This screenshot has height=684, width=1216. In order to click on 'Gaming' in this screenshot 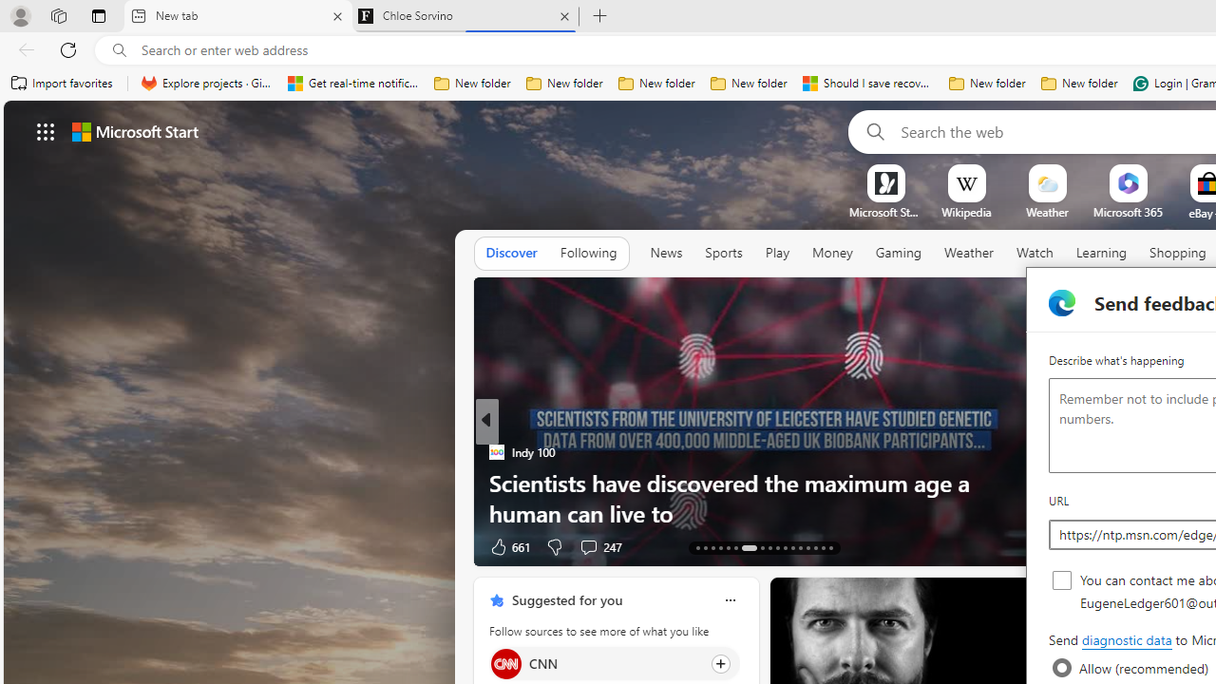, I will do `click(897, 253)`.